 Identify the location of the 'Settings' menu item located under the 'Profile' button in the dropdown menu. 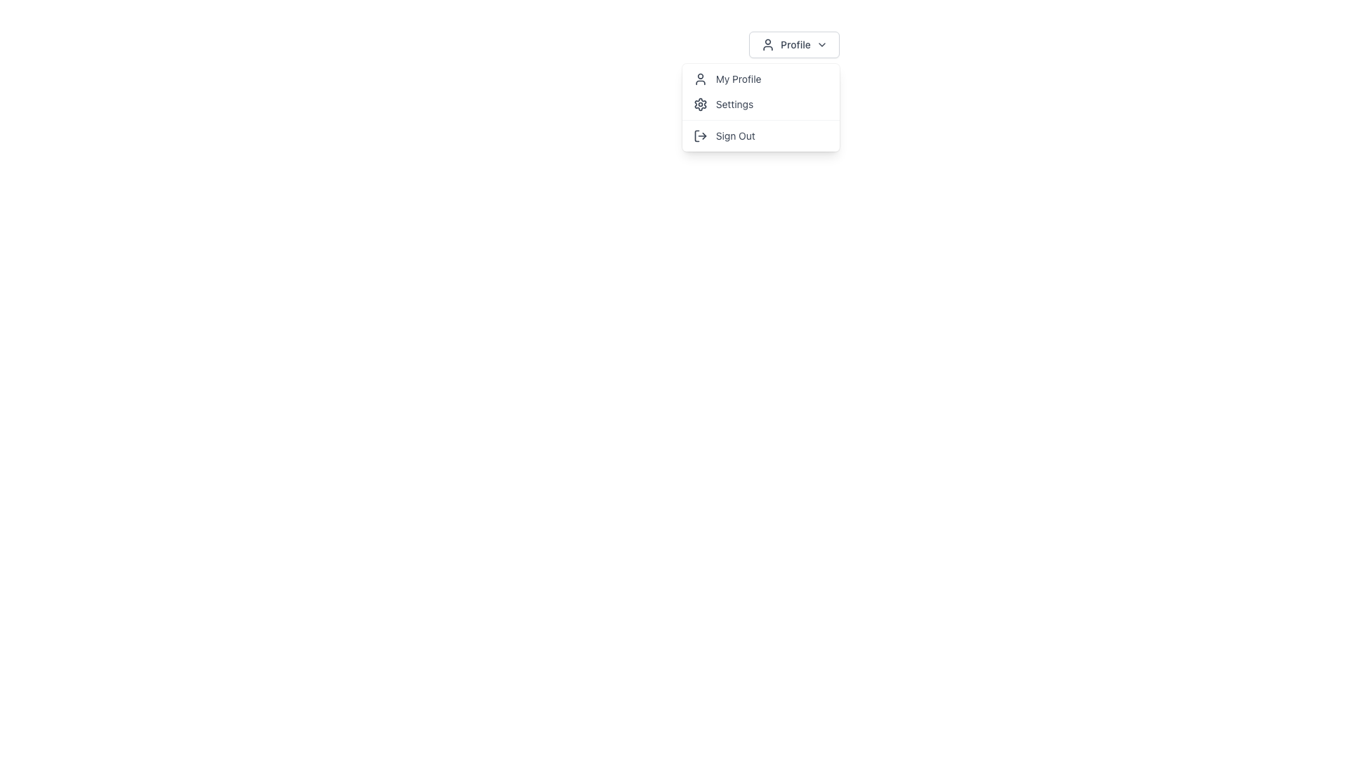
(760, 107).